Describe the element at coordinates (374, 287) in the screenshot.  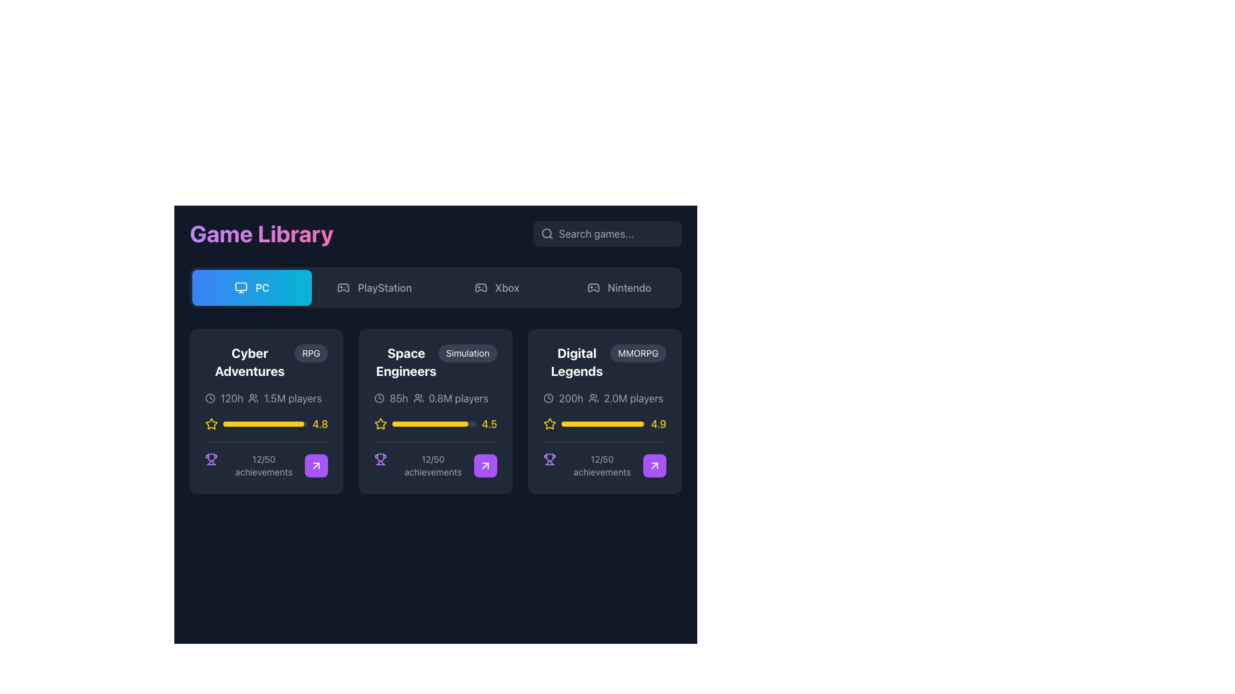
I see `the PlayStation filter button located in the horizontal menu beneath the 'Game Library' header` at that location.